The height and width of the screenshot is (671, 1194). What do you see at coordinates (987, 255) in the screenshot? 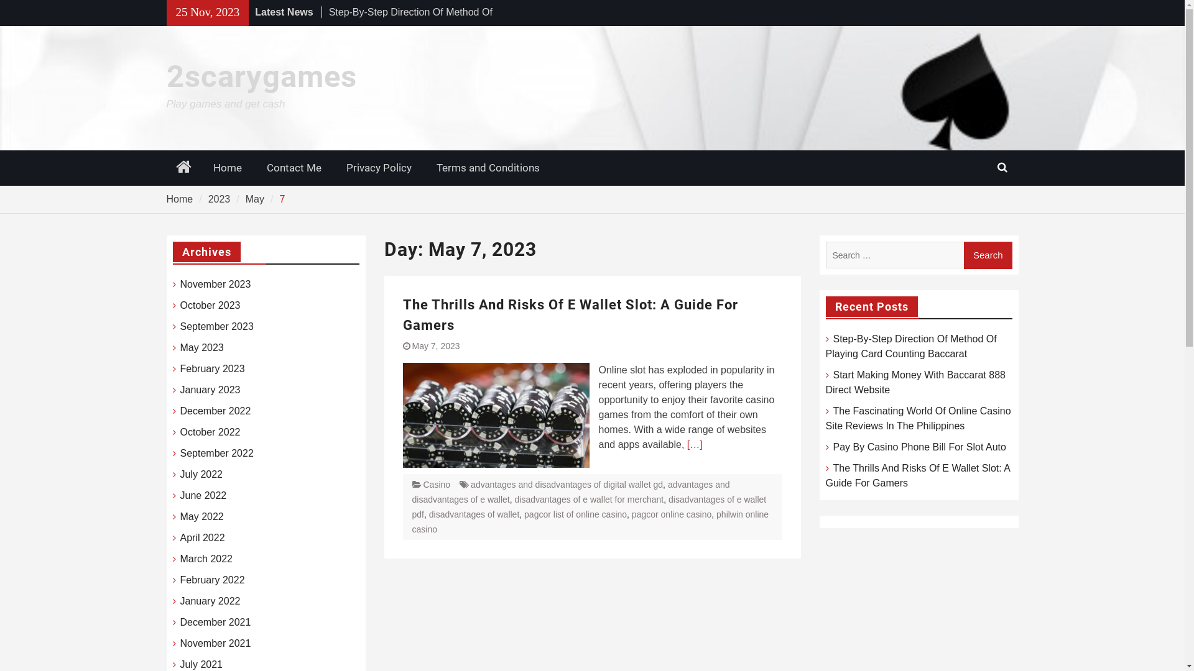
I see `'Search'` at bounding box center [987, 255].